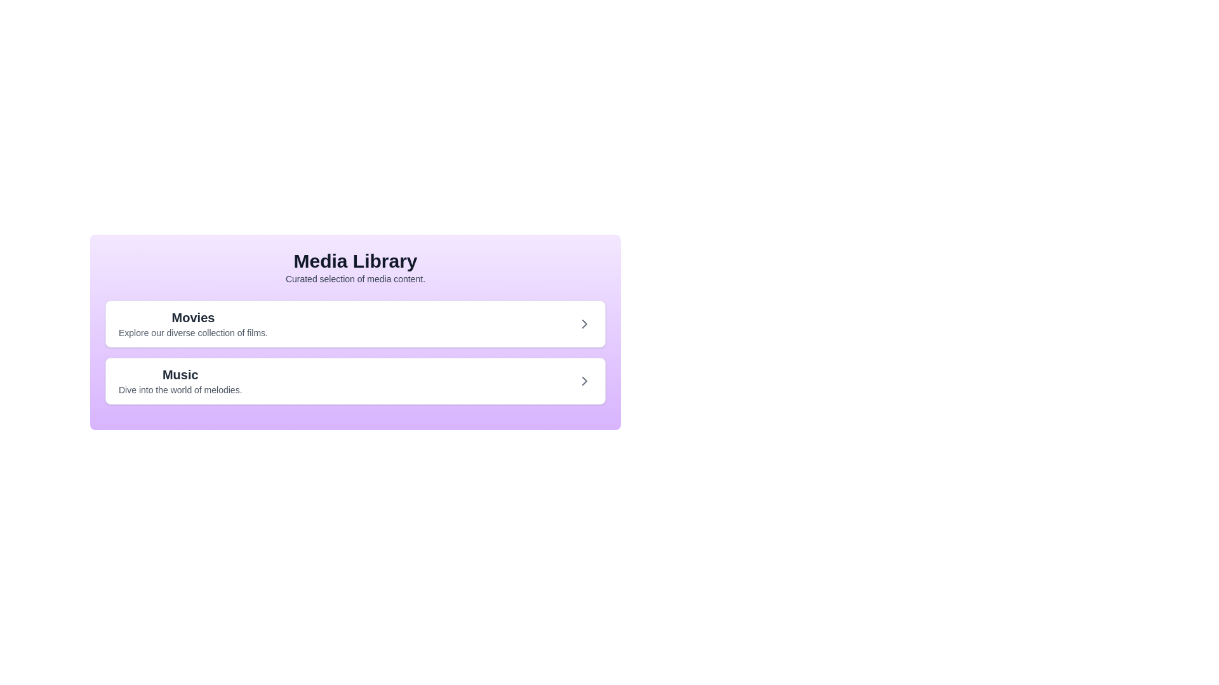  I want to click on the right-pointing chevron icon within the 'Music' interactive card, which is styled in gray and serves as a directional indicator, so click(584, 381).